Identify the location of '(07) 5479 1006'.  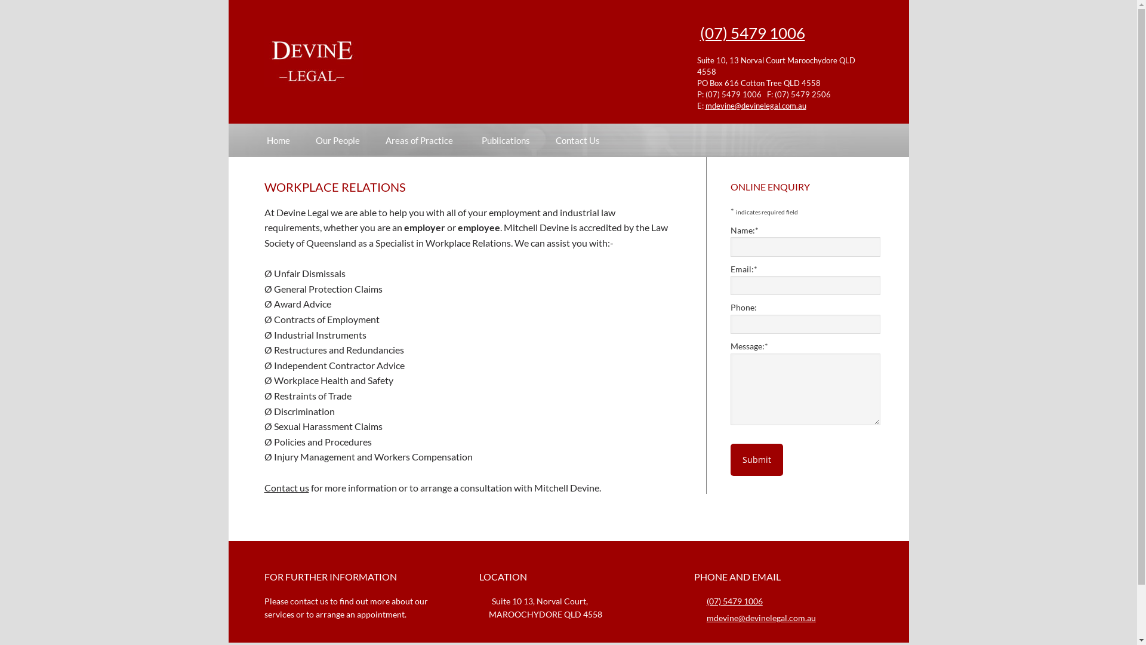
(751, 32).